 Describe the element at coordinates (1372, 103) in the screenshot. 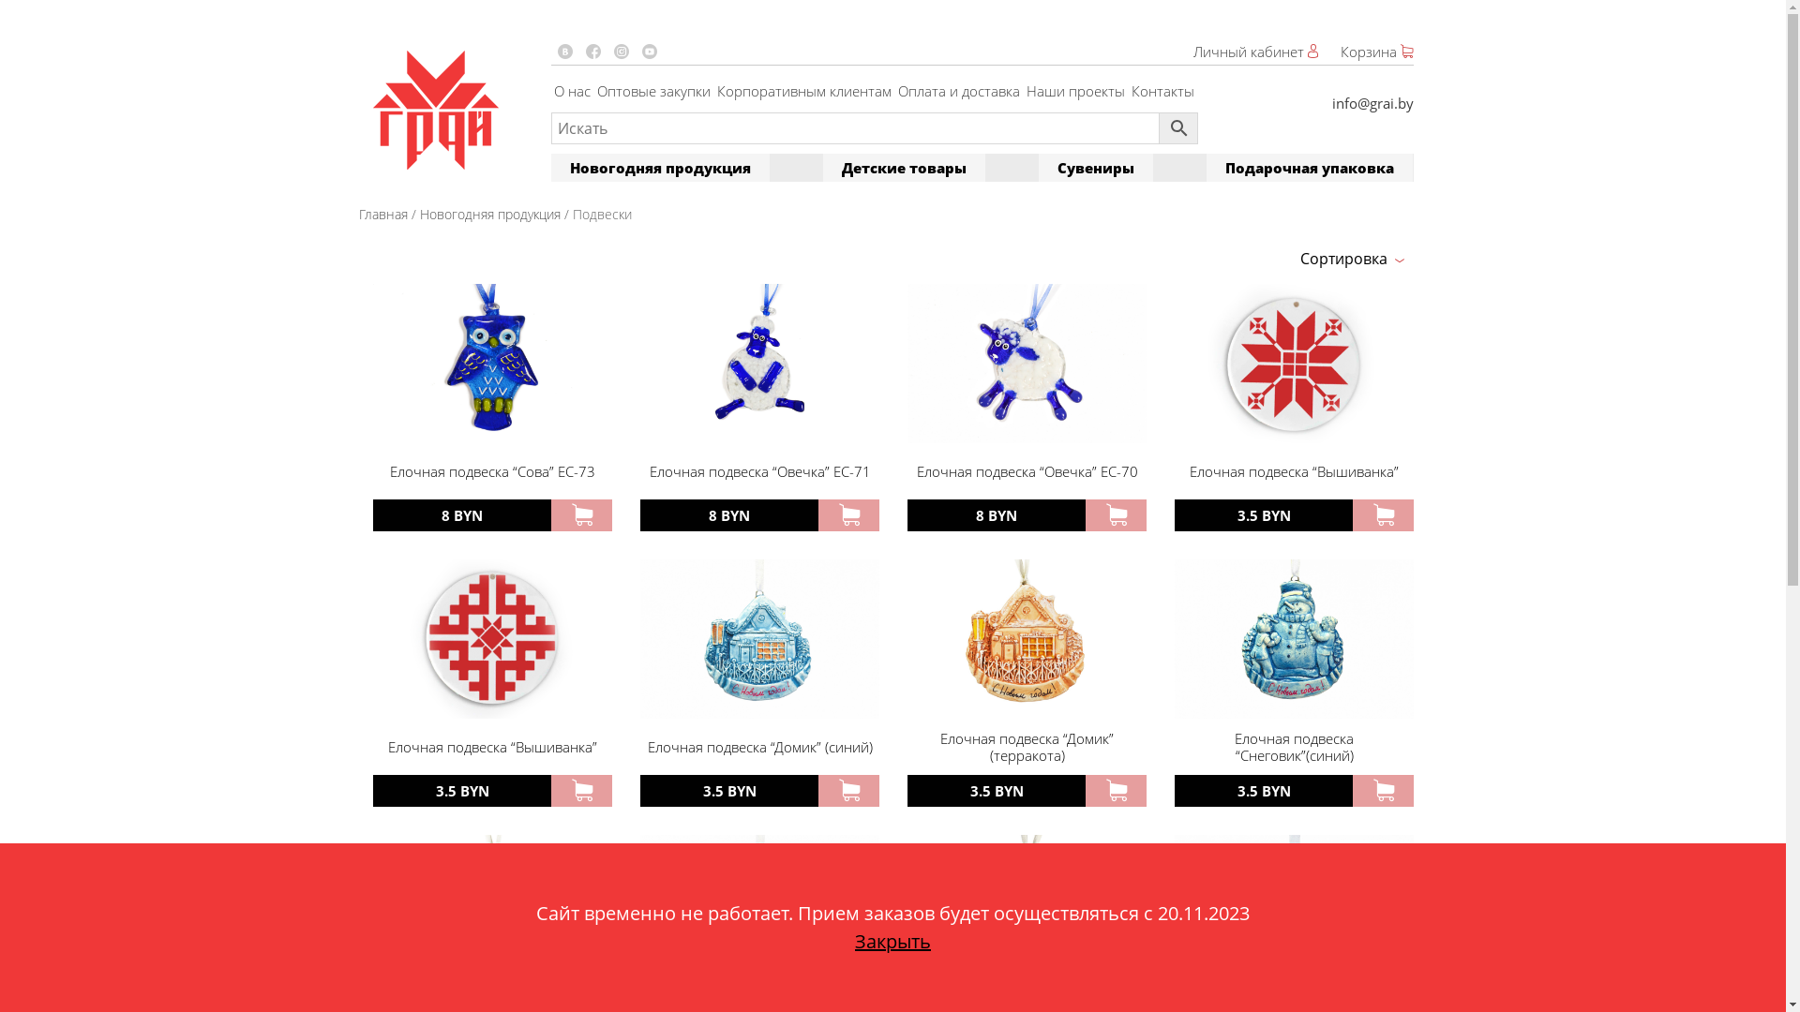

I see `'info@grai.by'` at that location.